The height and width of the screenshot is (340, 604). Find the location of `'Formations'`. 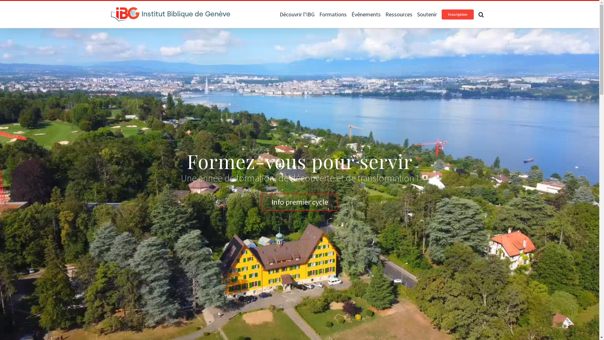

'Formations' is located at coordinates (332, 14).